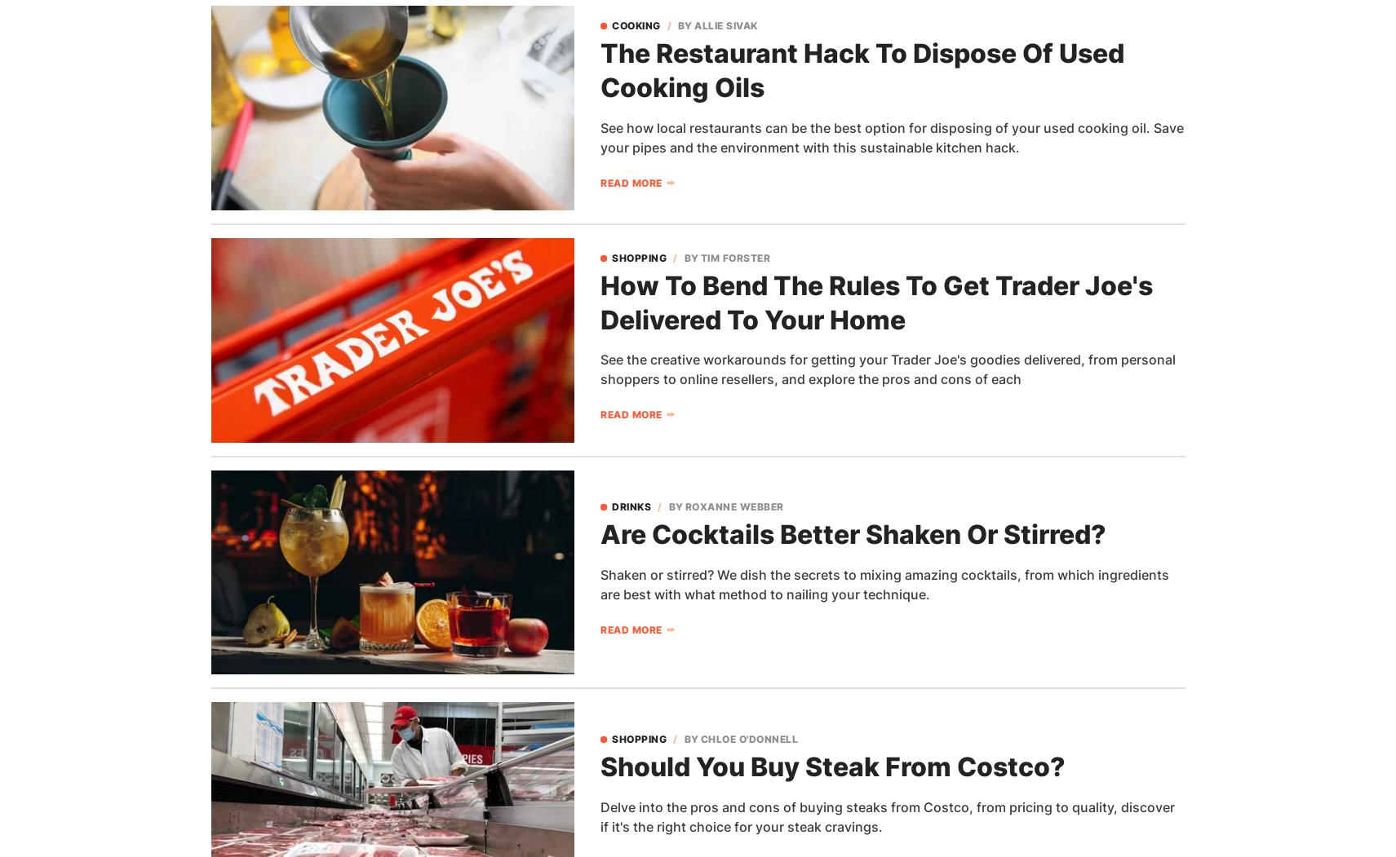  Describe the element at coordinates (631, 506) in the screenshot. I see `'Drinks'` at that location.